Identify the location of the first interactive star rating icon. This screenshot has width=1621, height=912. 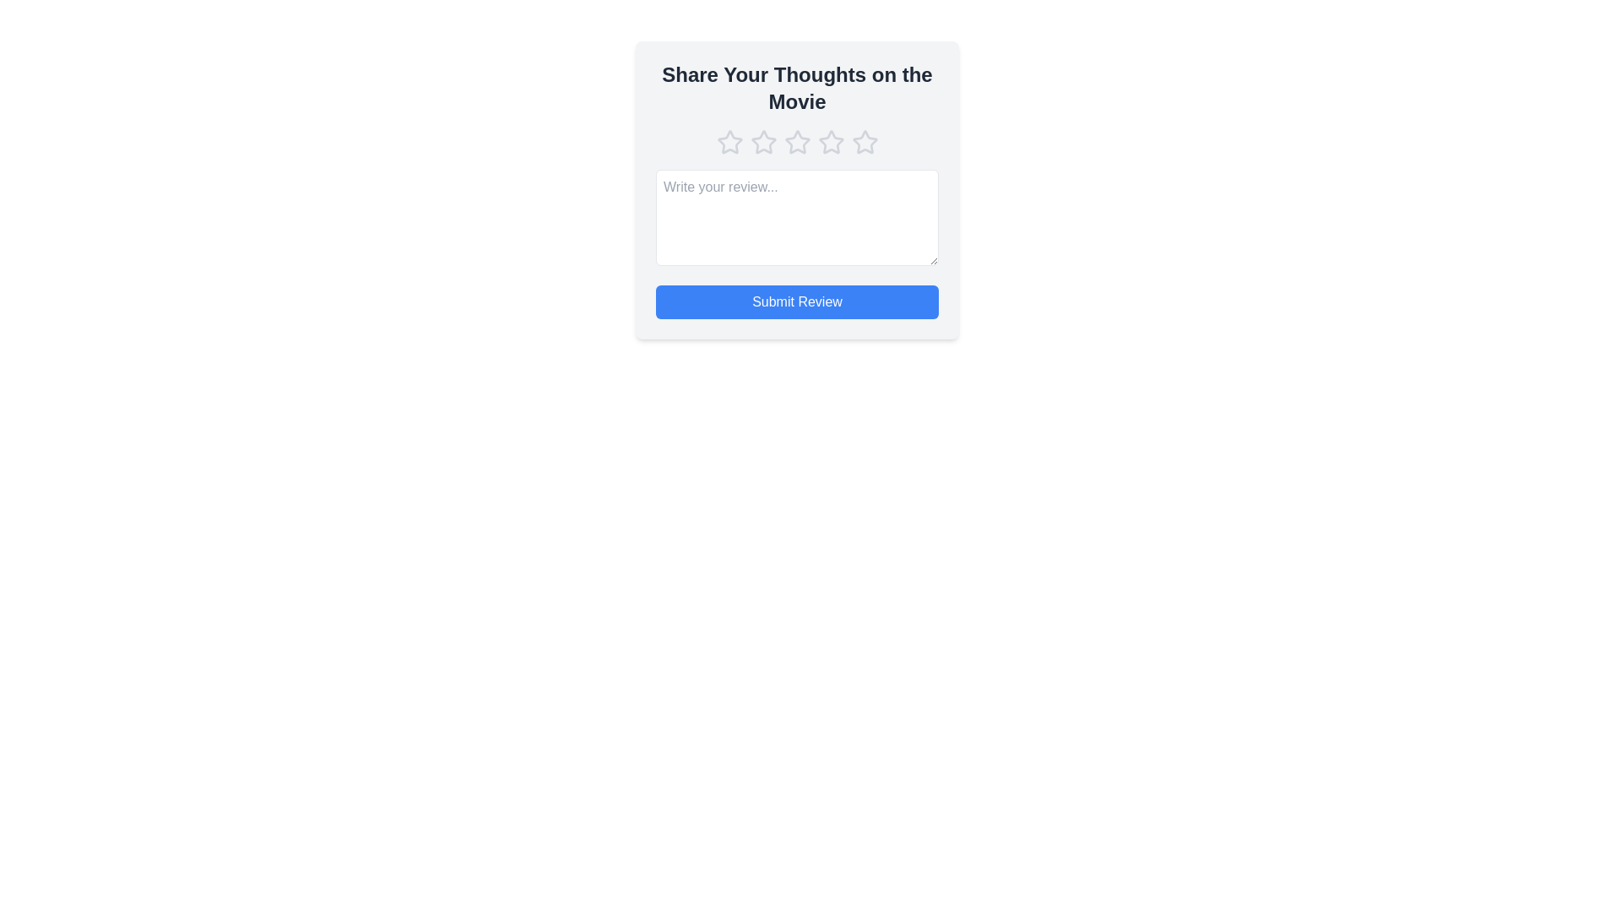
(729, 141).